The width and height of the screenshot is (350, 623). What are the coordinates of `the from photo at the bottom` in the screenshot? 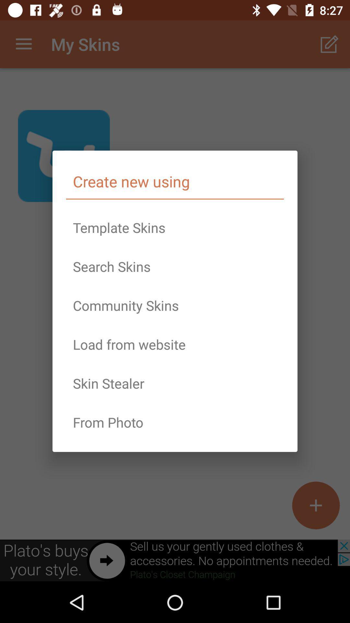 It's located at (175, 422).